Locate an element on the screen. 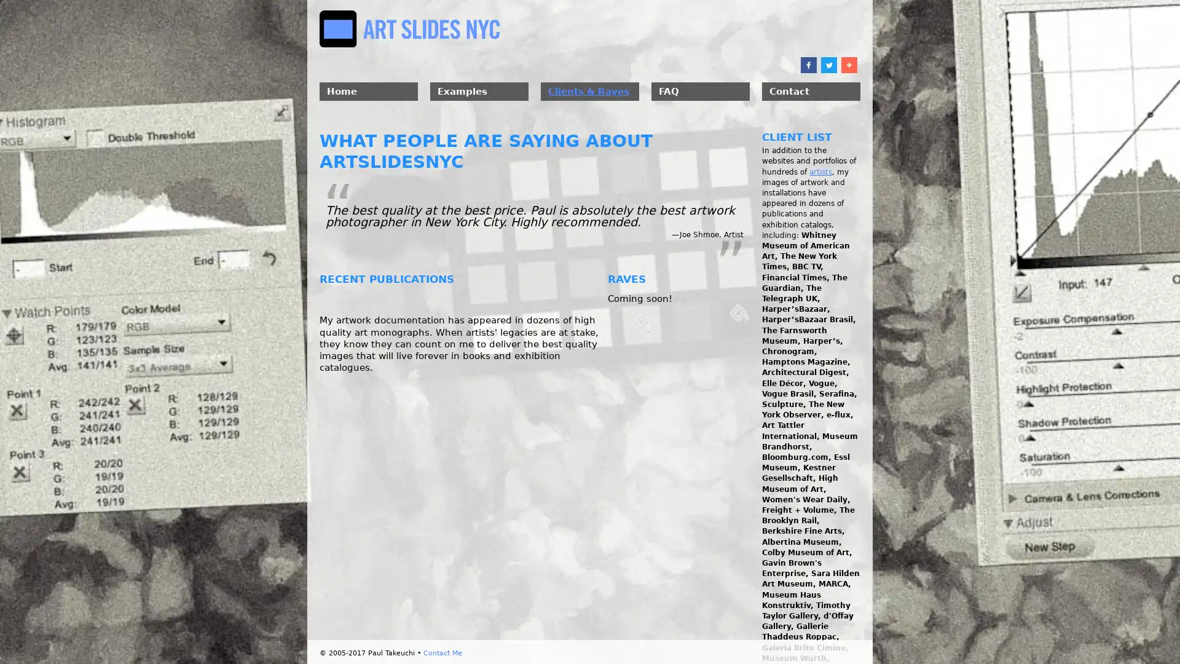  Share to Facebook is located at coordinates (814, 64).